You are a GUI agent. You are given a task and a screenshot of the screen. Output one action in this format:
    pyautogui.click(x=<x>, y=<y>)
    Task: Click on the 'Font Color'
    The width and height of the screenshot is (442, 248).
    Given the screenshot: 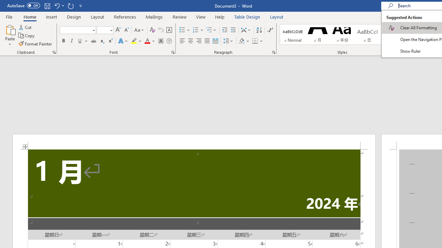 What is the action you would take?
    pyautogui.click(x=150, y=41)
    